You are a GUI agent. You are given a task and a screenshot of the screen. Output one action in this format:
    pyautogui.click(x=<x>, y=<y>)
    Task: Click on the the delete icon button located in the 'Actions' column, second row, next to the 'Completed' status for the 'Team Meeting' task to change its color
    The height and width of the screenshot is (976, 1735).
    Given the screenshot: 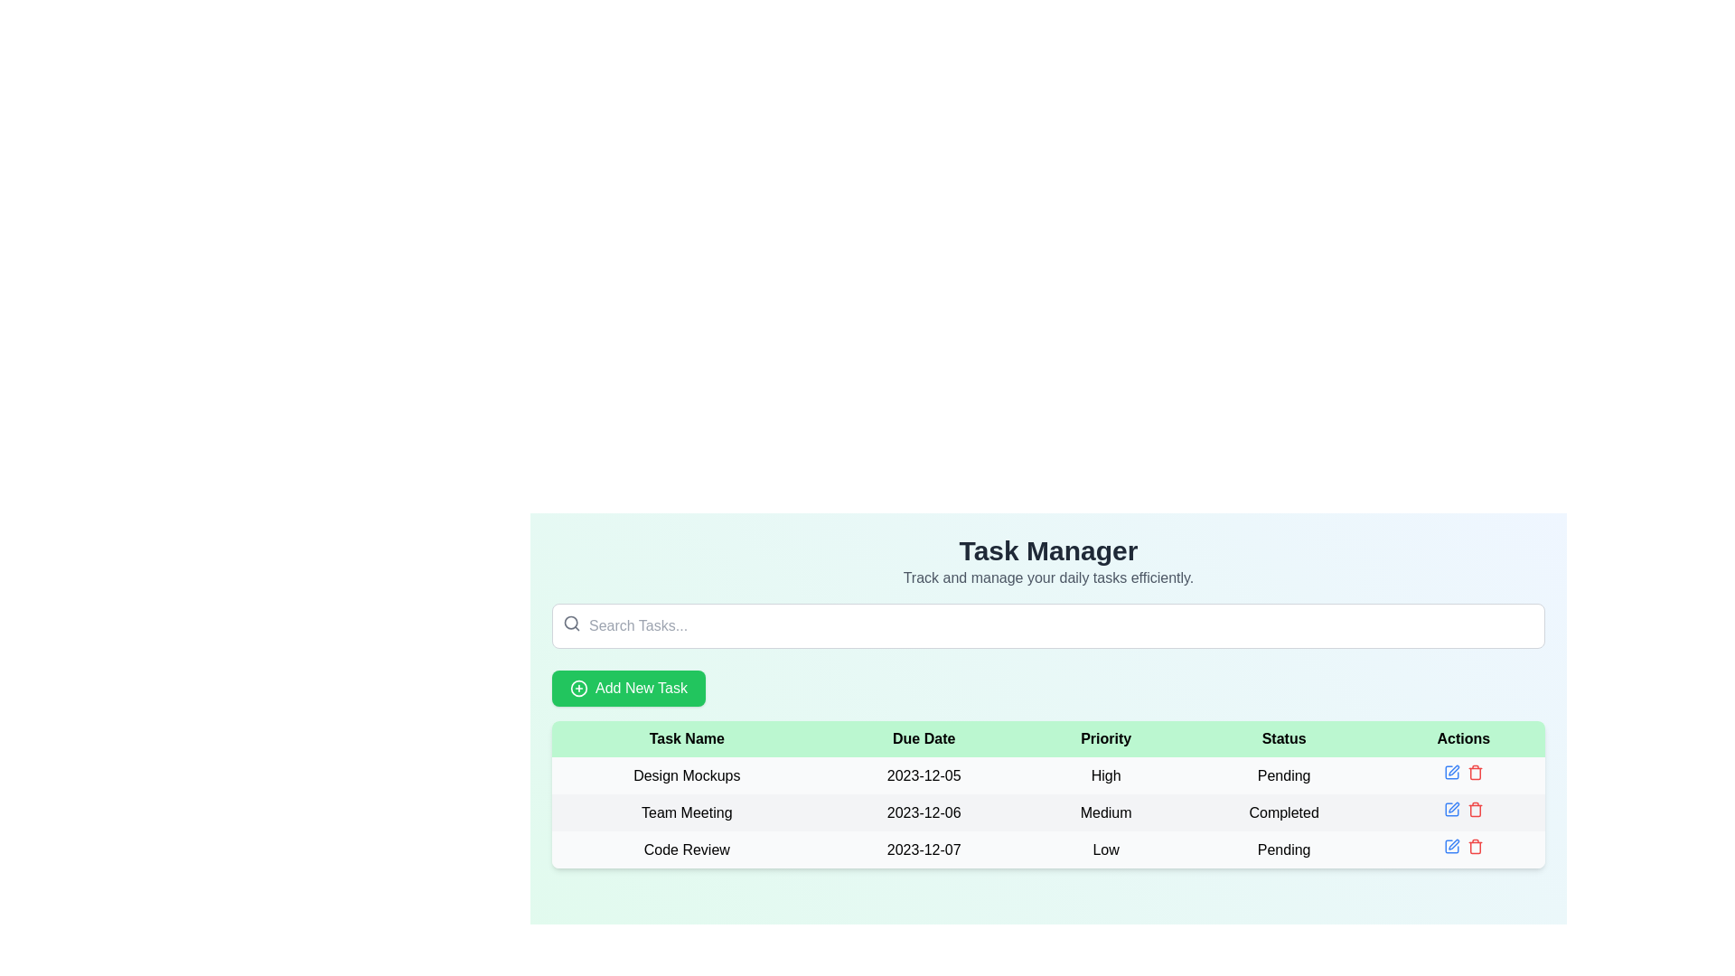 What is the action you would take?
    pyautogui.click(x=1475, y=808)
    